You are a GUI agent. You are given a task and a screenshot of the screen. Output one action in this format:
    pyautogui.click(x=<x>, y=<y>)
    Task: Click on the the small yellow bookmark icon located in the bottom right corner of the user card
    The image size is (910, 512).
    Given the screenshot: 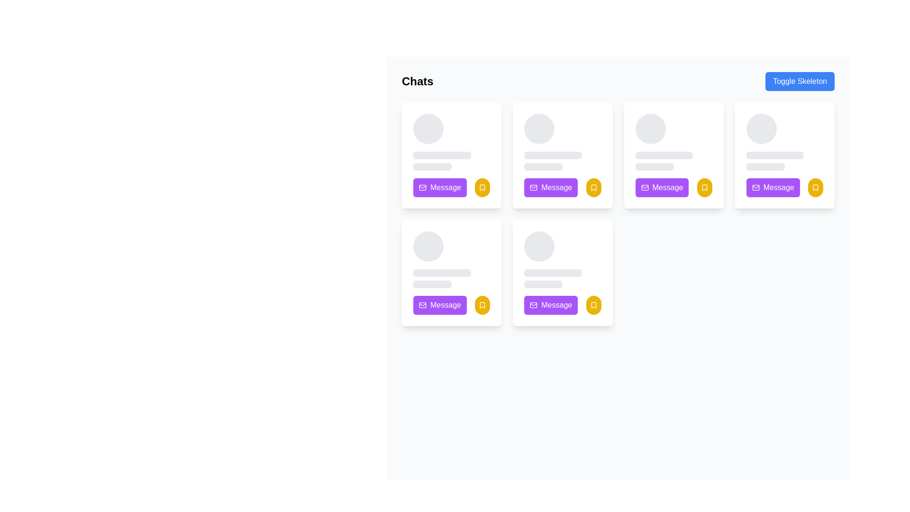 What is the action you would take?
    pyautogui.click(x=482, y=305)
    